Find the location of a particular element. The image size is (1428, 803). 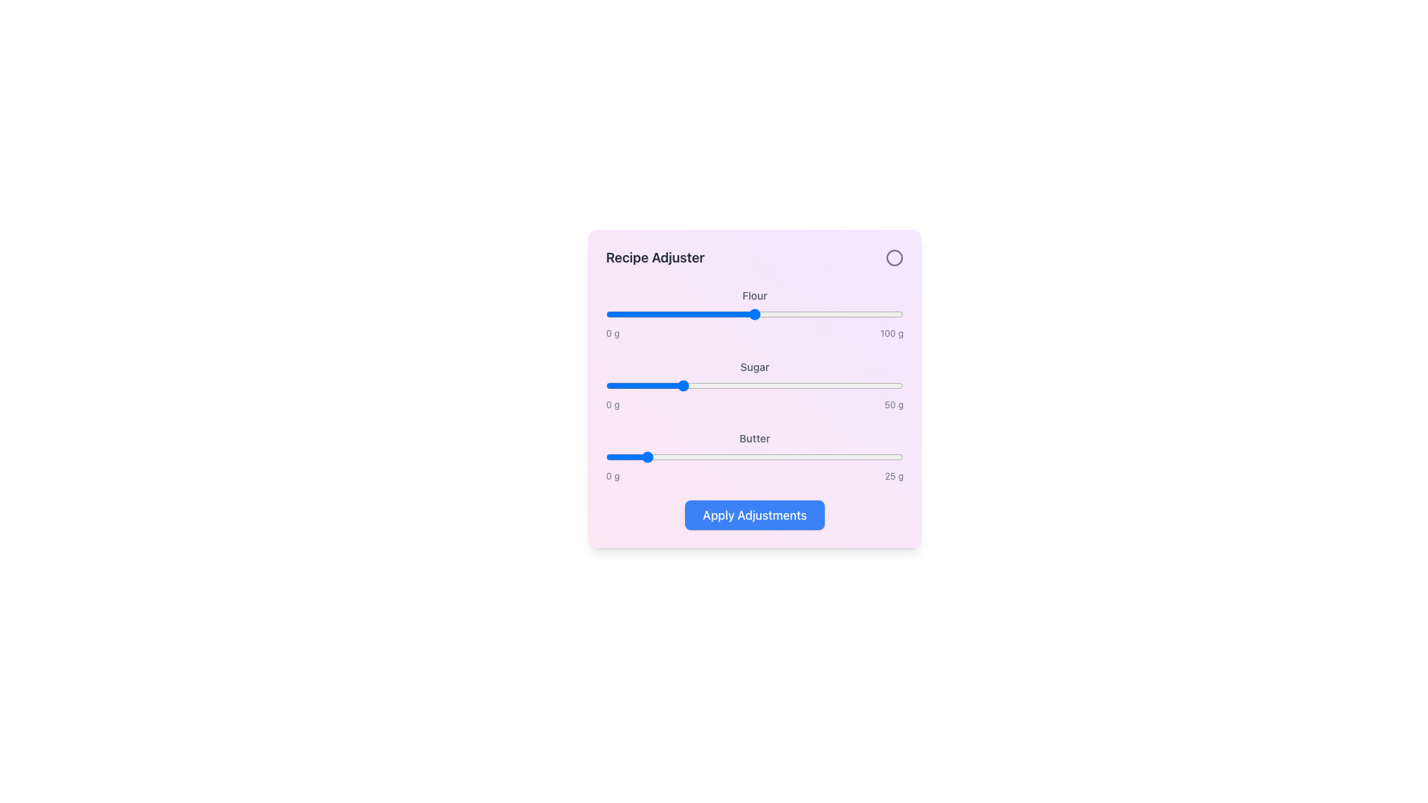

the text label displaying '100 g', which is styled in a small, gray font and positioned to the right of the 'Flour' slider interface is located at coordinates (892, 332).